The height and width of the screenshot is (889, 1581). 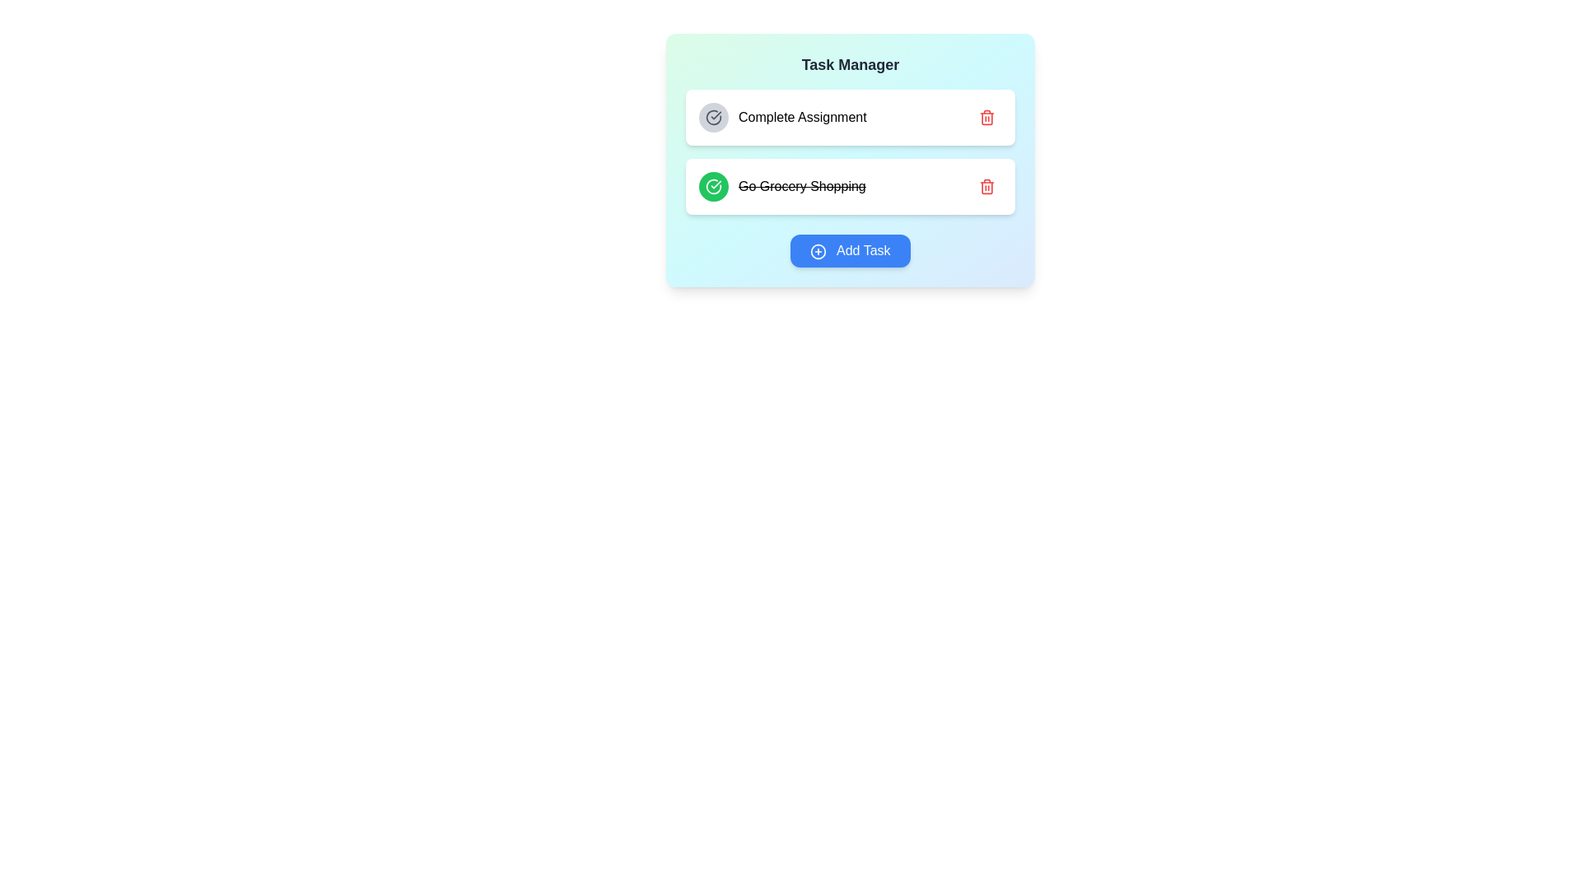 What do you see at coordinates (714, 186) in the screenshot?
I see `the circular checkmark icon with a green background located to the left of the text 'Go Grocery Shopping' in the second list item of the task list` at bounding box center [714, 186].